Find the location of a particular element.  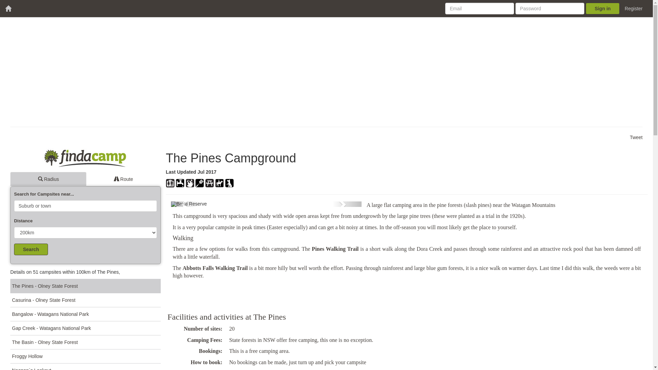

'Next' is located at coordinates (332, 204).